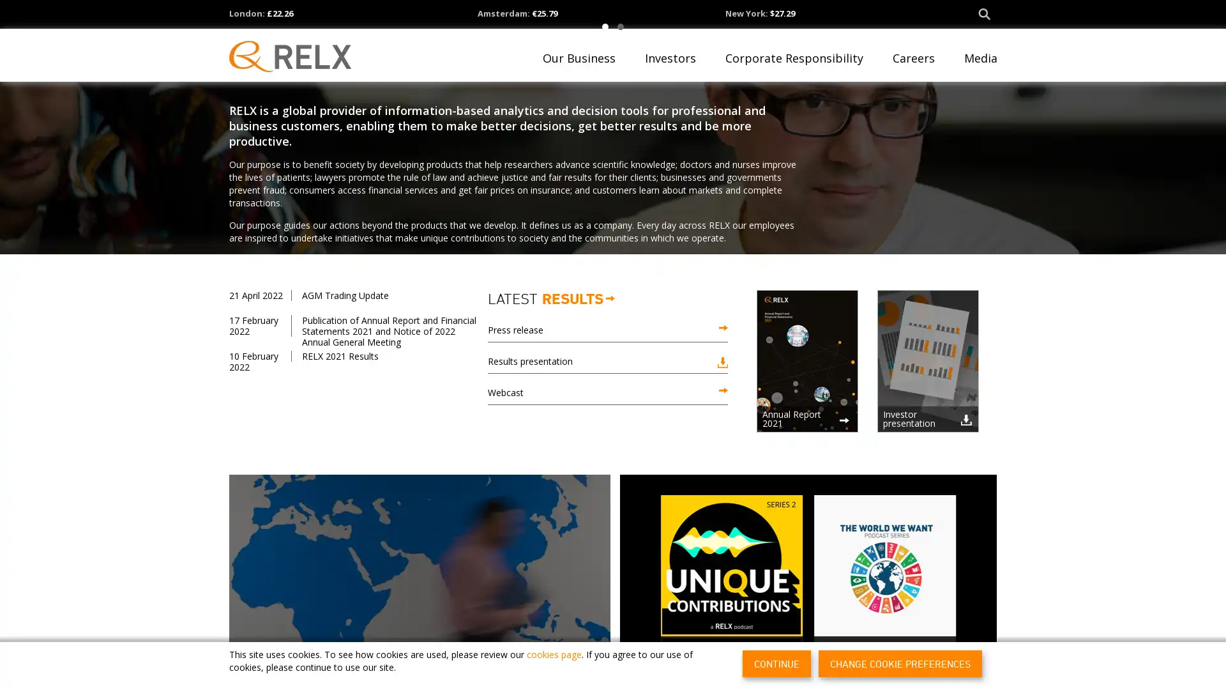 The height and width of the screenshot is (690, 1226). What do you see at coordinates (605, 27) in the screenshot?
I see `1` at bounding box center [605, 27].